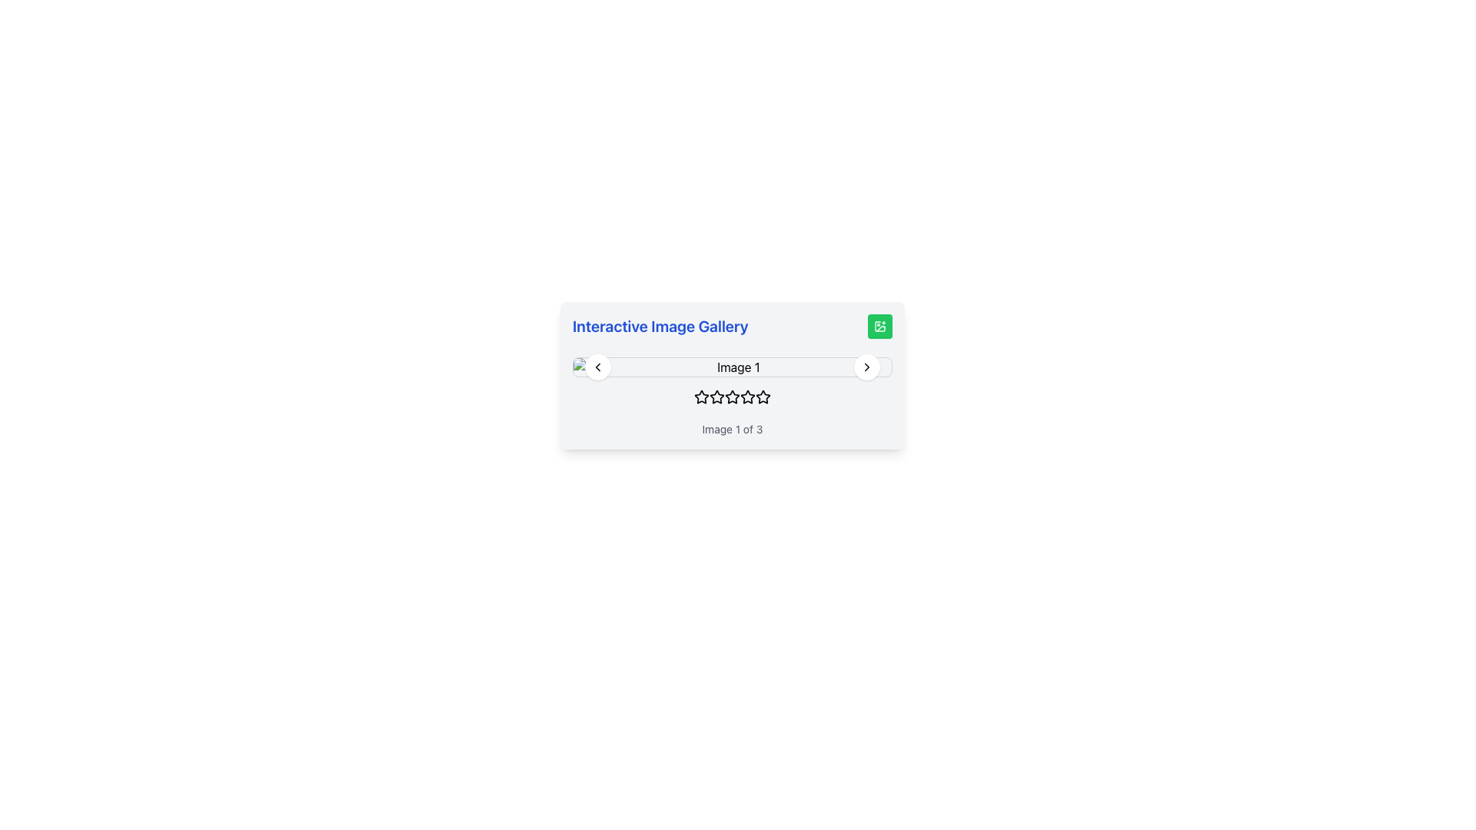 This screenshot has height=830, width=1476. Describe the element at coordinates (732, 430) in the screenshot. I see `text label 'Image 1 of 3' located at the bottom section of the gallery display component` at that location.